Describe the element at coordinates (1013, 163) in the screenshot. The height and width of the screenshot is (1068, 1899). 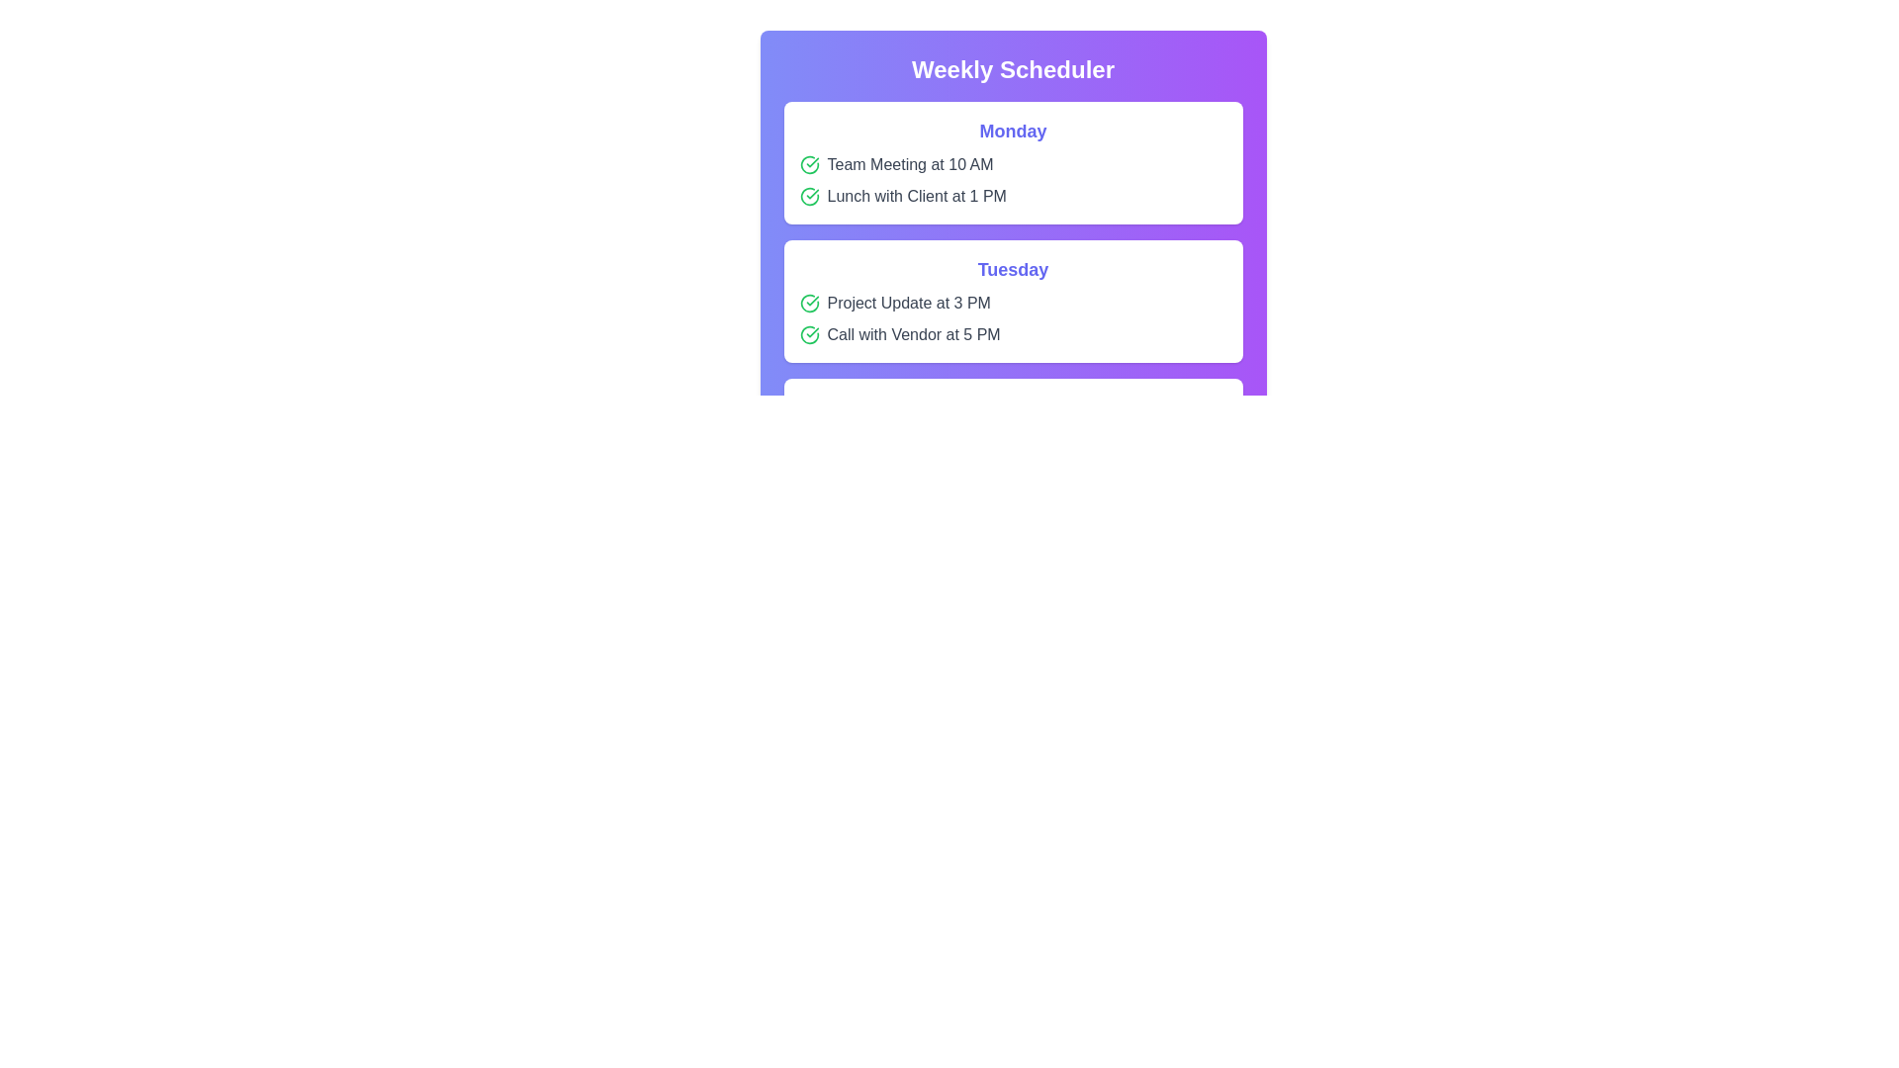
I see `the event item Team Meeting at 10 AM to interact with it` at that location.